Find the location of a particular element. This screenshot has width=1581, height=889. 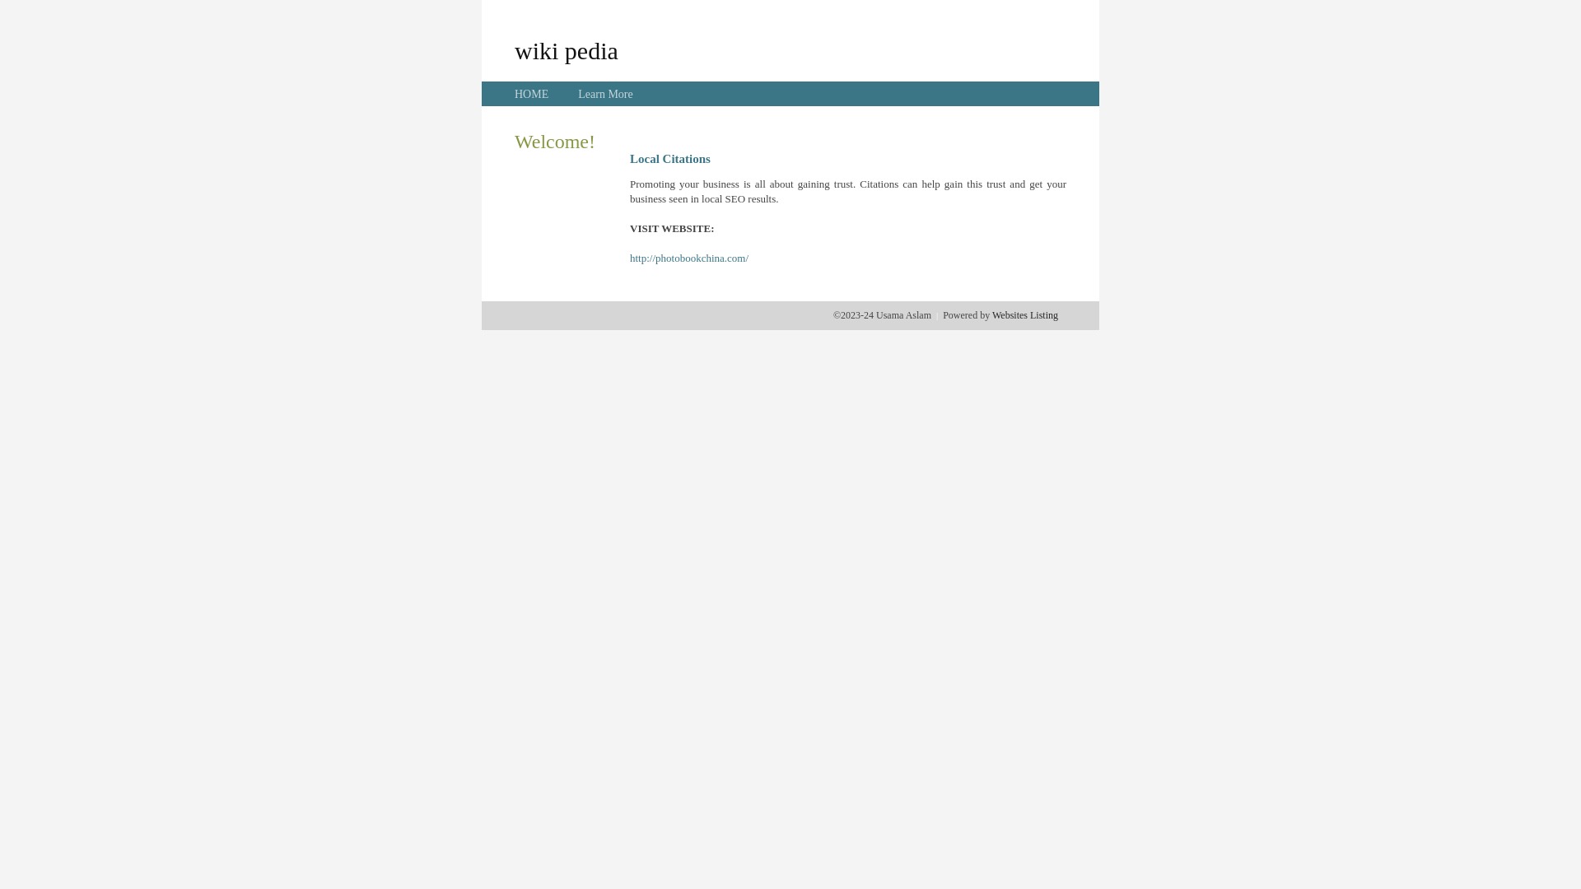

'http://photobookchina.com/' is located at coordinates (688, 258).